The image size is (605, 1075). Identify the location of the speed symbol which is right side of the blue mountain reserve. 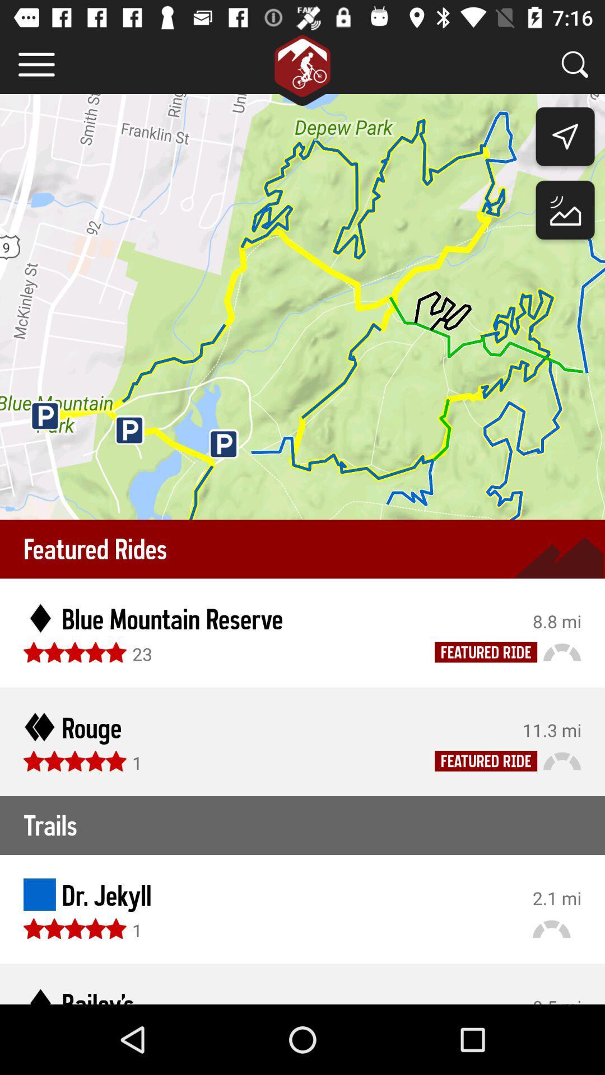
(562, 651).